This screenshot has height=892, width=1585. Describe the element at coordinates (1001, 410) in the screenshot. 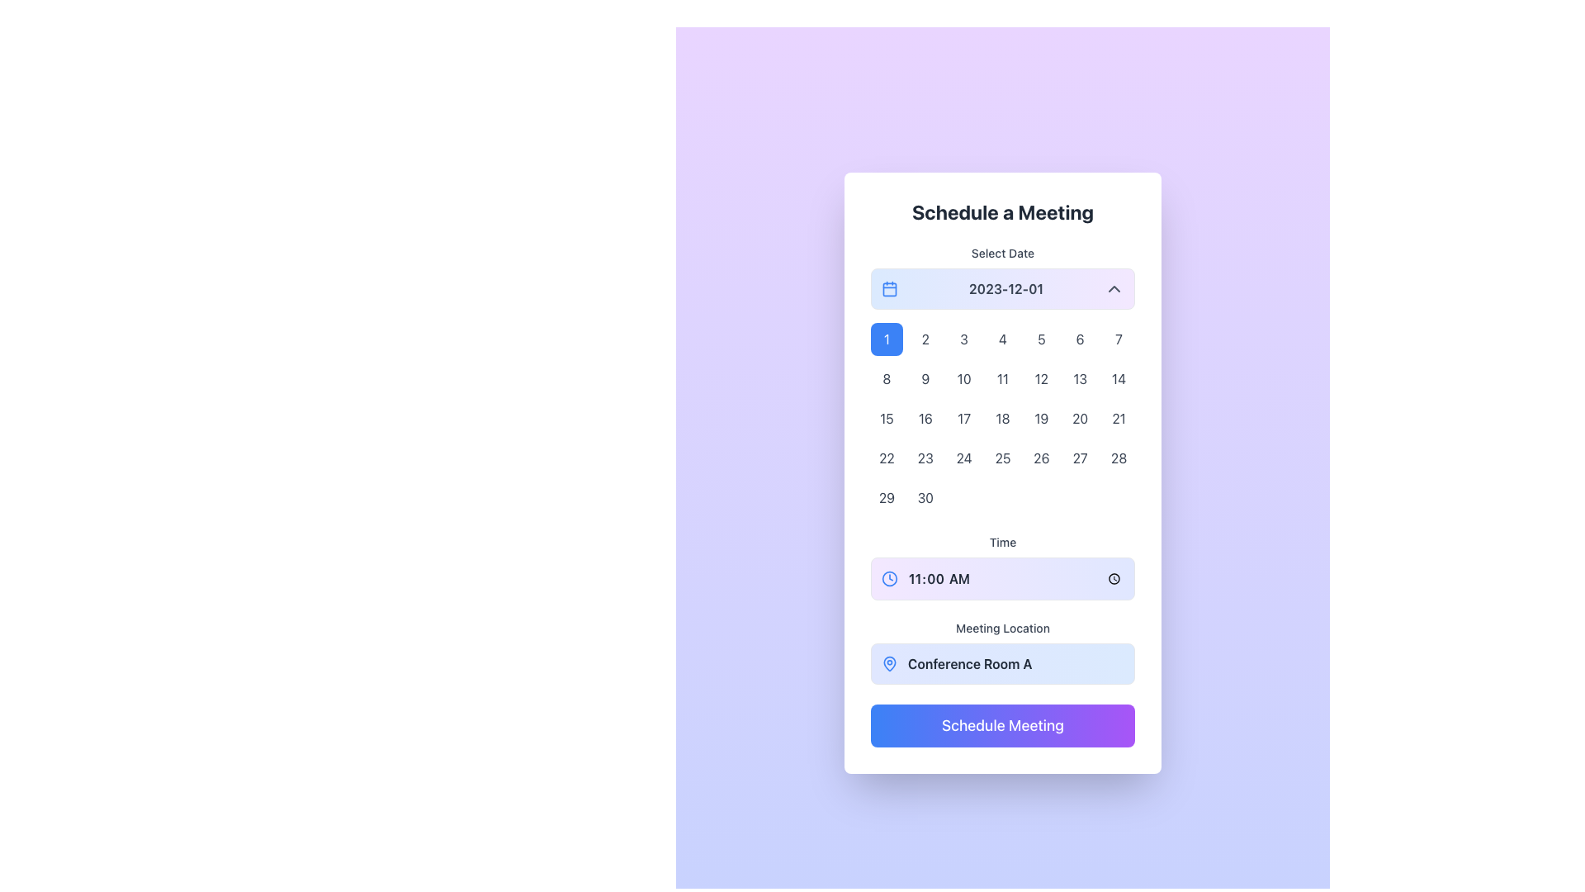

I see `the individual cell representing a specific date in the calendar grid, which is styled as a rounded button with distinct colors for the current day` at that location.